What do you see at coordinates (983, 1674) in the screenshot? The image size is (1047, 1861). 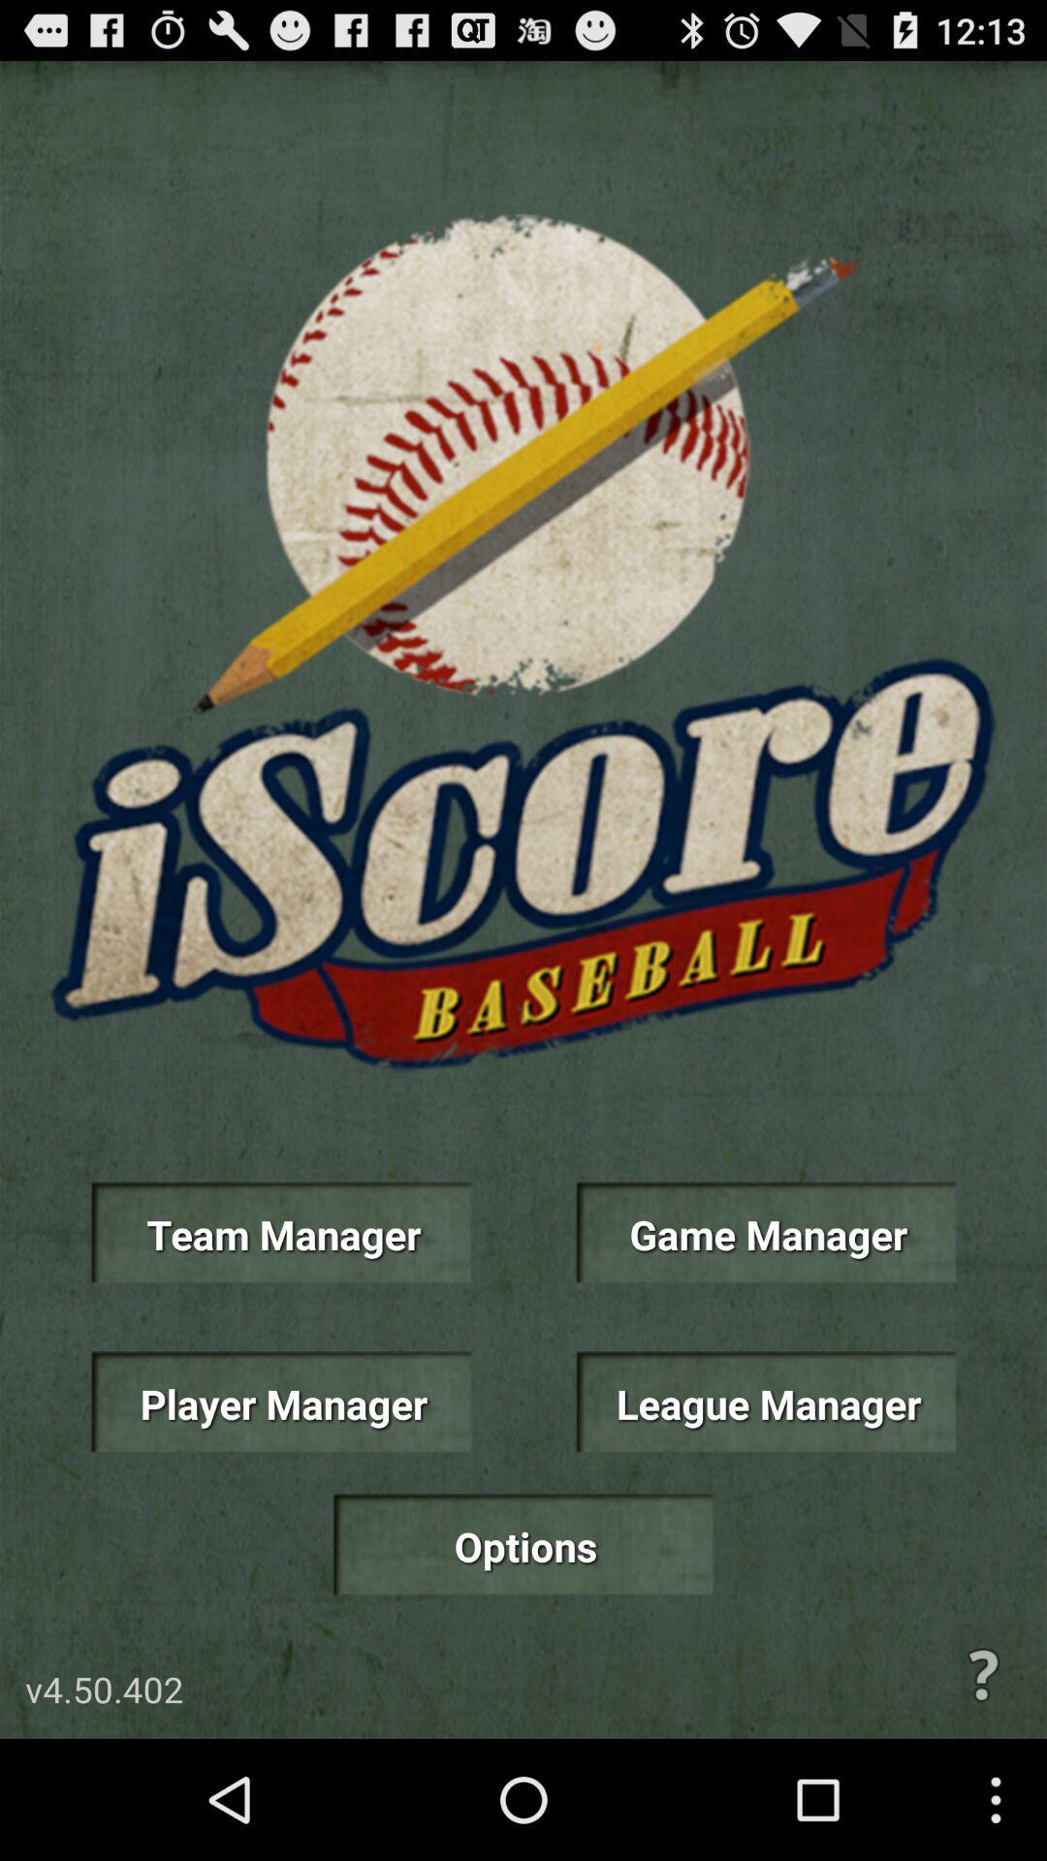 I see `help` at bounding box center [983, 1674].